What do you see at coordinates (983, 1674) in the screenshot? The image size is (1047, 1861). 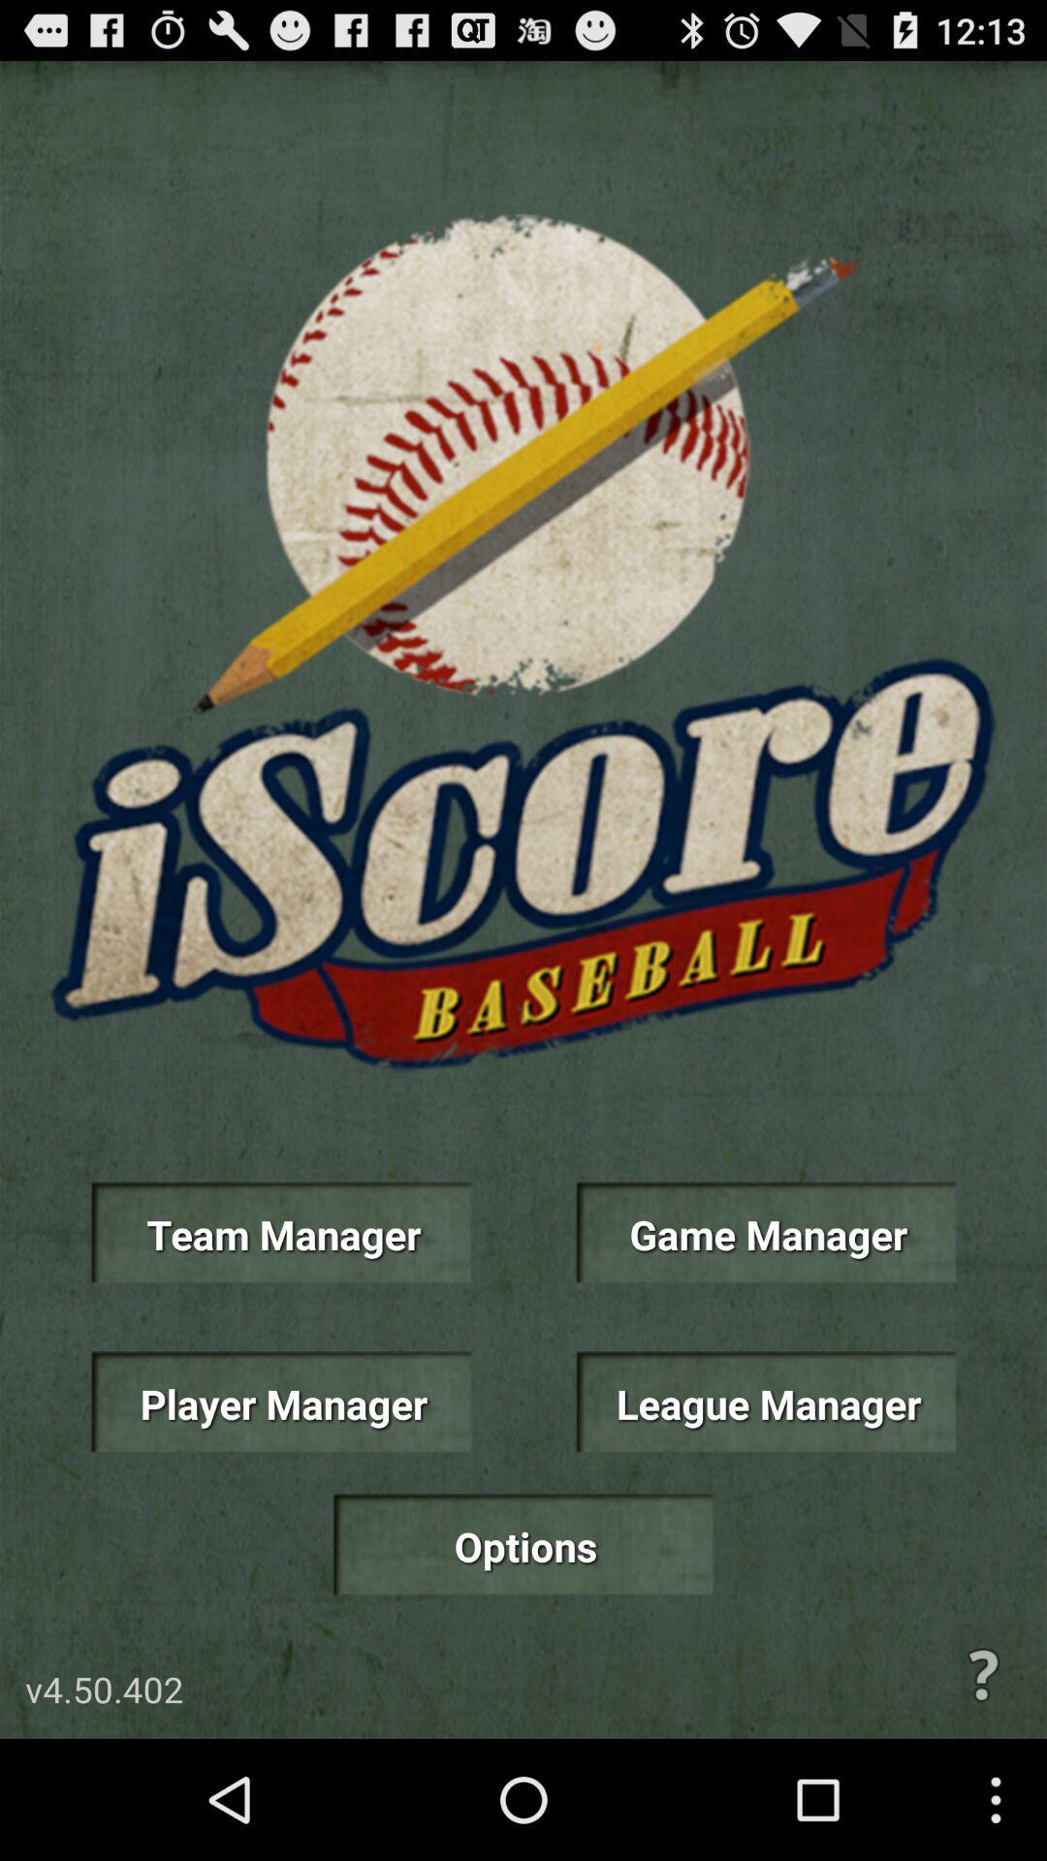 I see `help` at bounding box center [983, 1674].